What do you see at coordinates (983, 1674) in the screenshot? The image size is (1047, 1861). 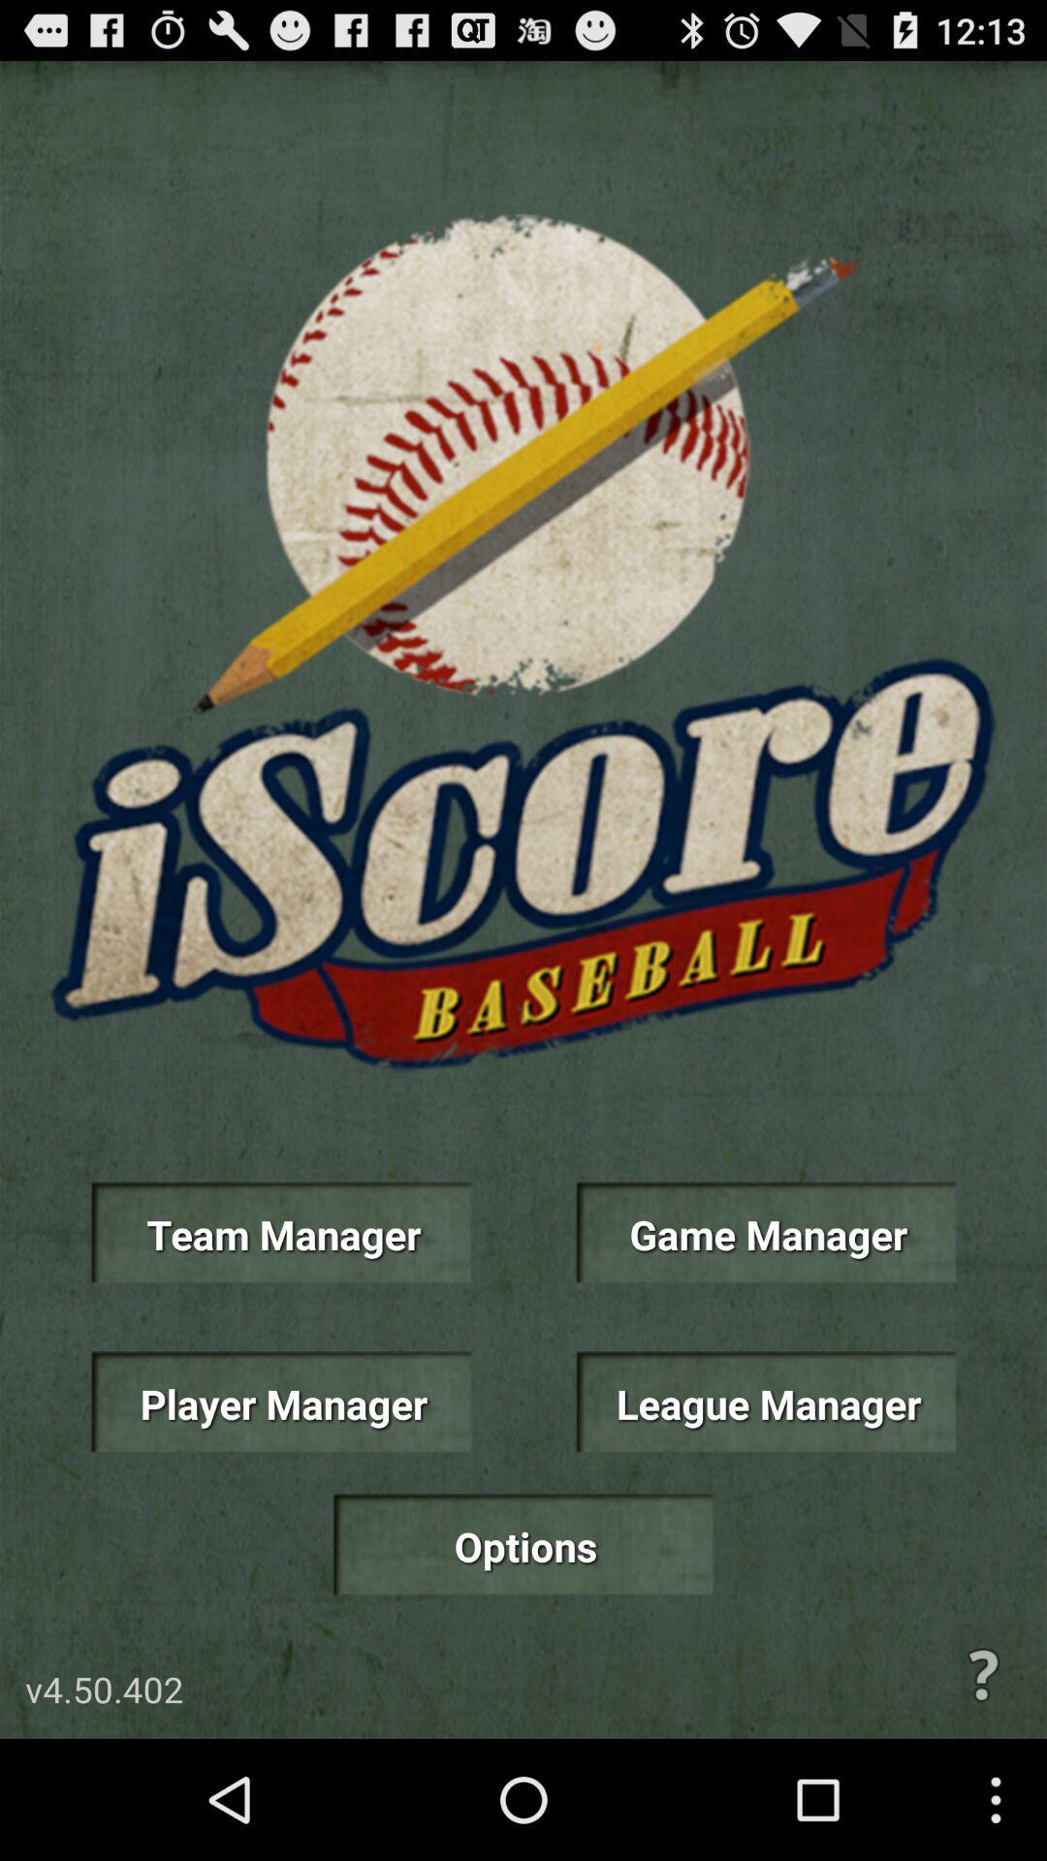 I see `help` at bounding box center [983, 1674].